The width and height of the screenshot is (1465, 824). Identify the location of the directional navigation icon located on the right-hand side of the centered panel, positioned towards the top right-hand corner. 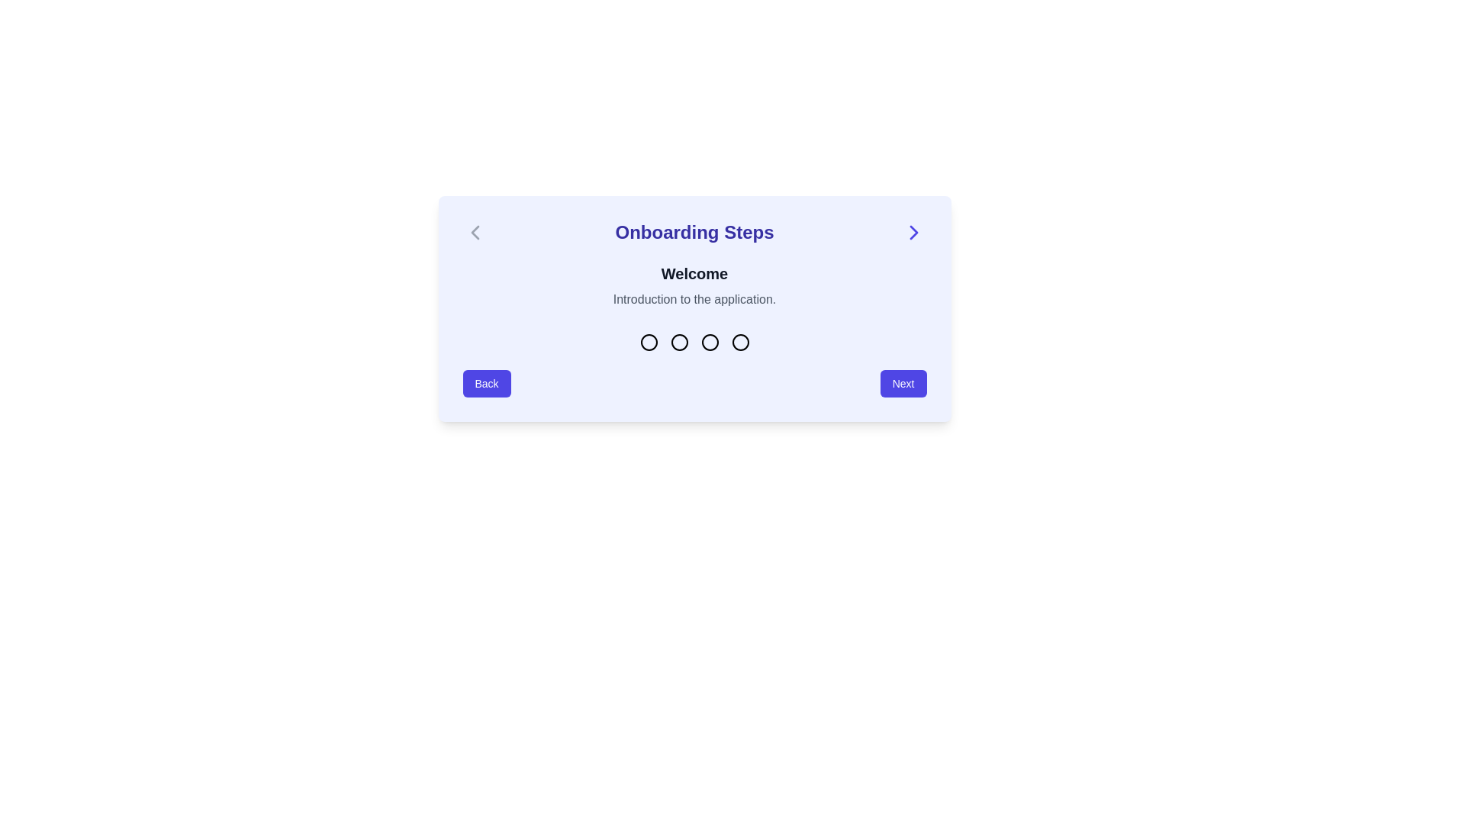
(914, 232).